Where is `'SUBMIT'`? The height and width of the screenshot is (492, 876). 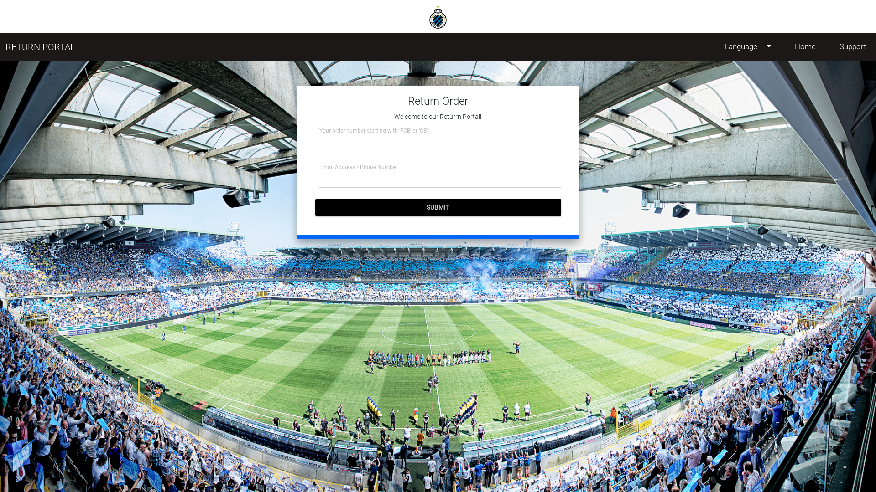
'SUBMIT' is located at coordinates (438, 207).